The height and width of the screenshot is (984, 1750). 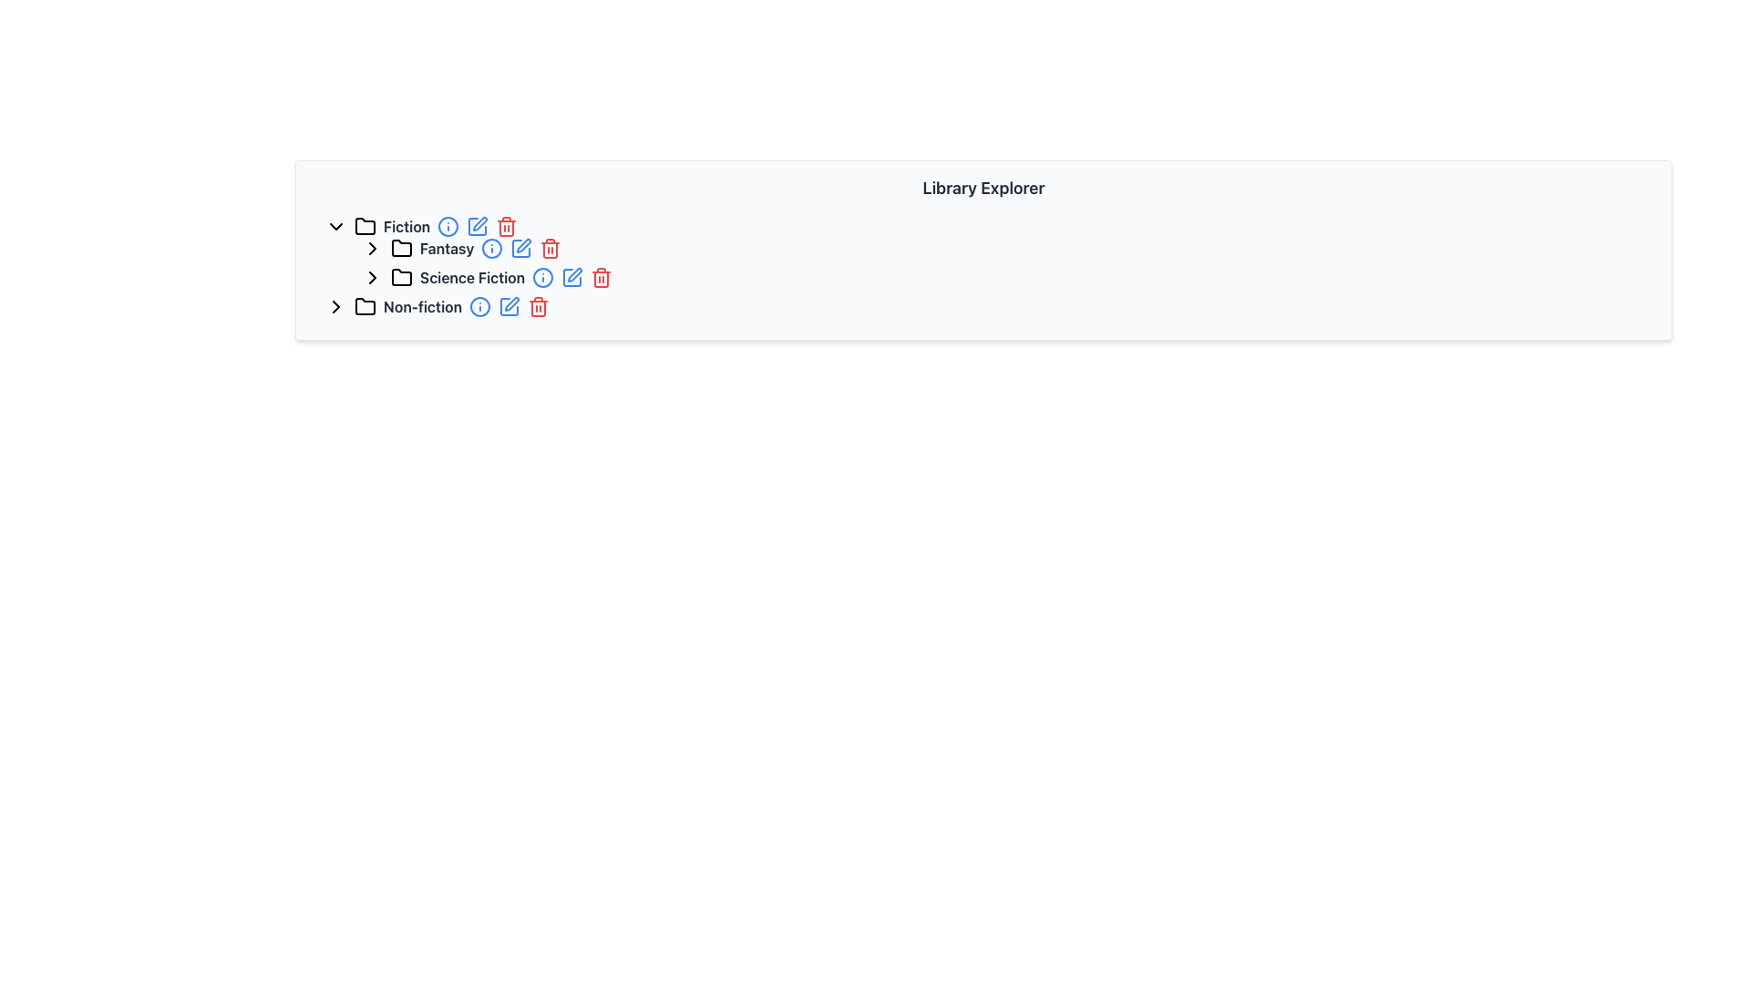 What do you see at coordinates (371, 277) in the screenshot?
I see `the Interactive Chevron Icon located to the left of the 'Fantasy' folder label` at bounding box center [371, 277].